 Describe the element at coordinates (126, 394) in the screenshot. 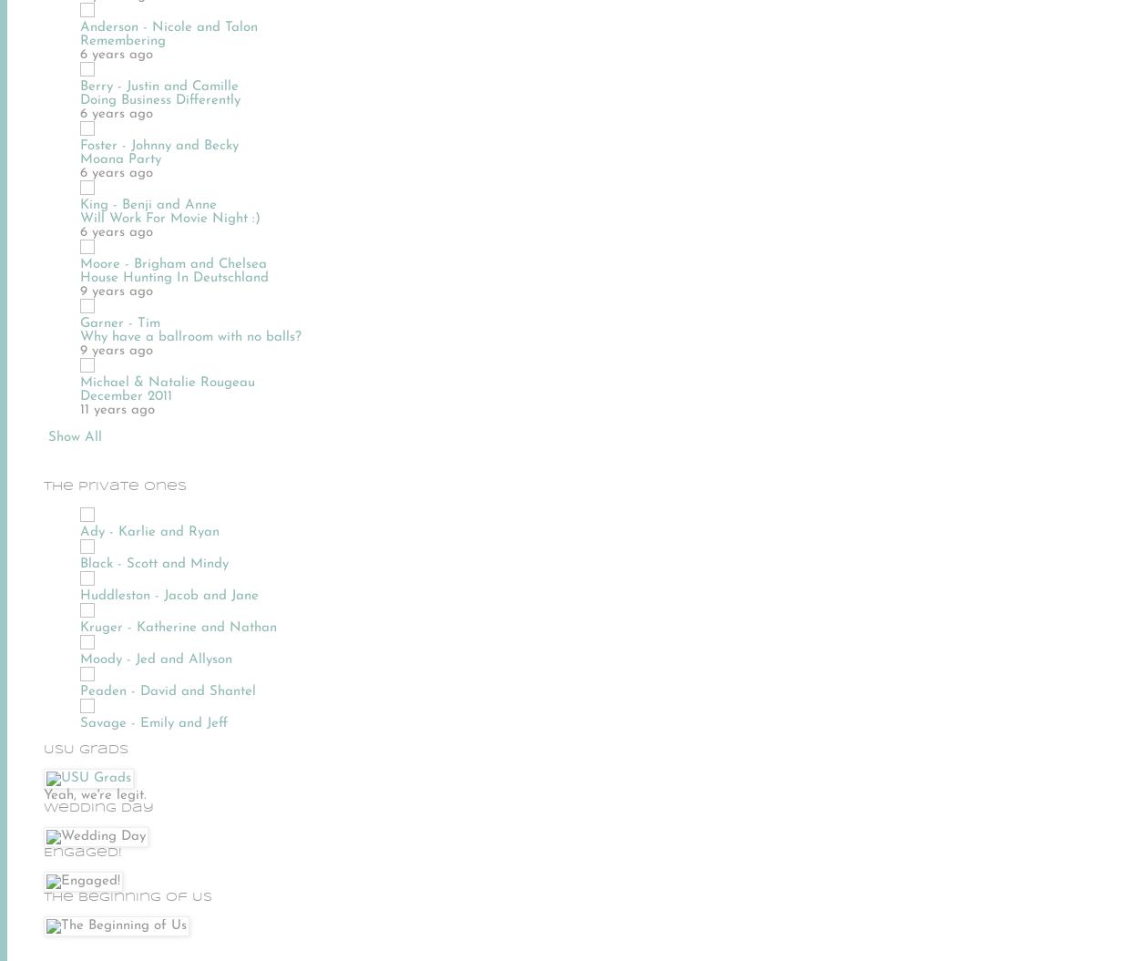

I see `'December 2011'` at that location.